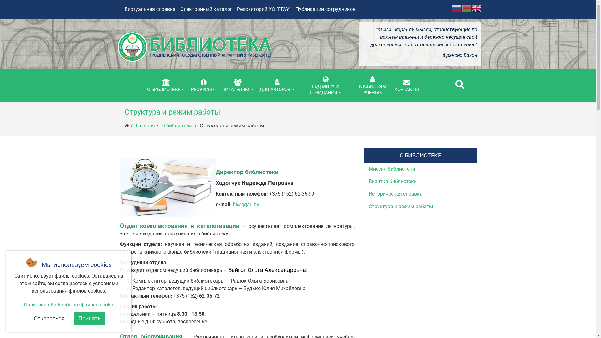 The height and width of the screenshot is (338, 601). What do you see at coordinates (451, 8) in the screenshot?
I see `'Russian'` at bounding box center [451, 8].